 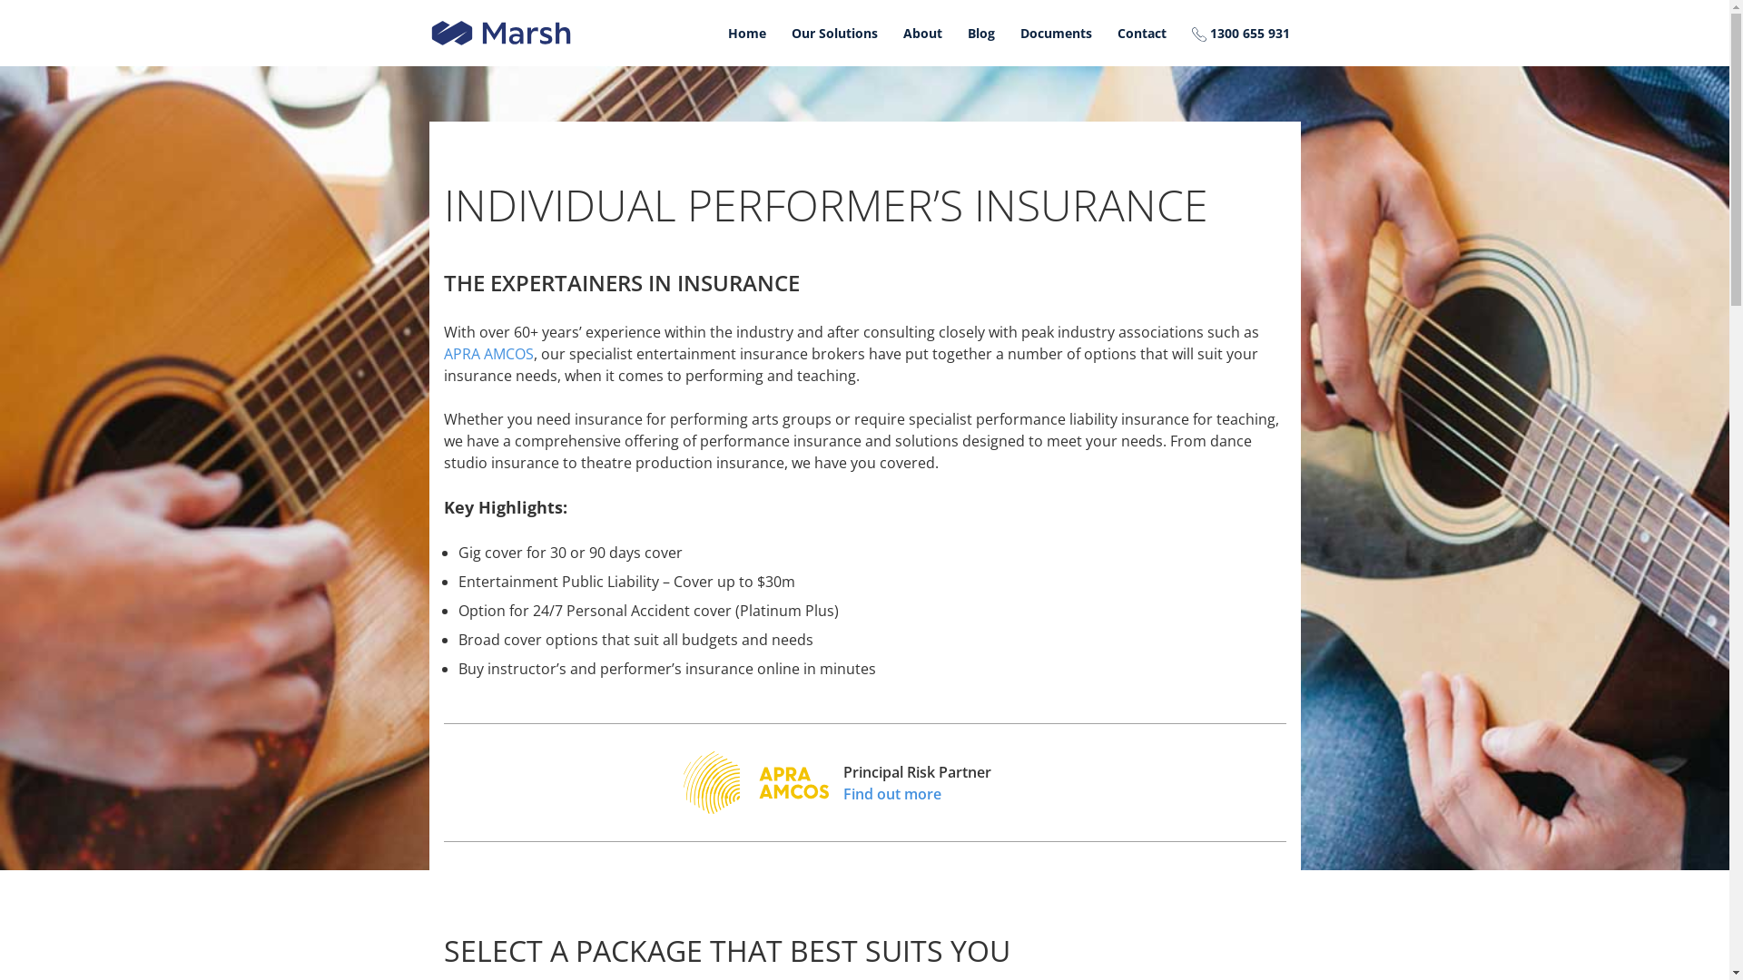 I want to click on 'APRA AMCOS', so click(x=487, y=353).